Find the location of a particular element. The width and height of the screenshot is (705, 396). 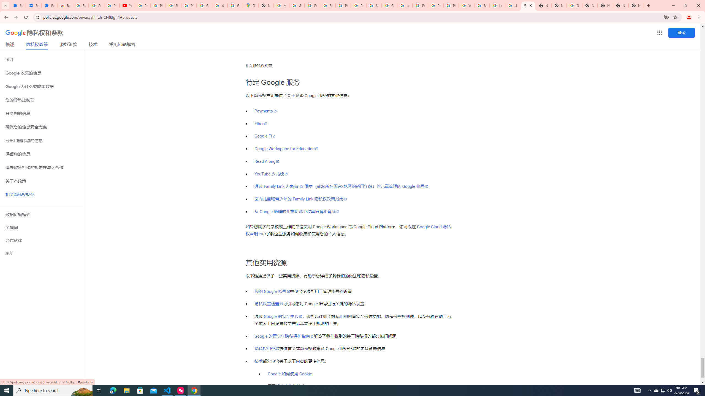

'Google Fi' is located at coordinates (265, 136).